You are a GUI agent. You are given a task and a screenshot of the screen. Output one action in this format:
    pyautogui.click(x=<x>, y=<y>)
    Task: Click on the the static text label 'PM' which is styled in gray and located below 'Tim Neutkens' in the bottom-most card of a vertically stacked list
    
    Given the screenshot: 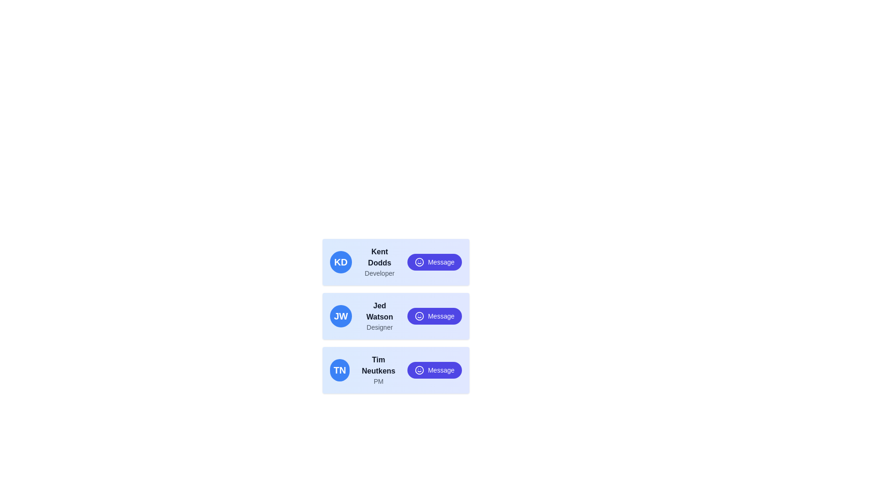 What is the action you would take?
    pyautogui.click(x=379, y=381)
    